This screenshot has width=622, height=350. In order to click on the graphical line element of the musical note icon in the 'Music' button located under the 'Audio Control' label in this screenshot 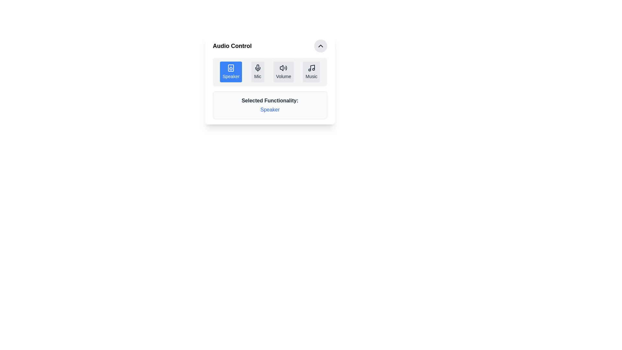, I will do `click(312, 67)`.